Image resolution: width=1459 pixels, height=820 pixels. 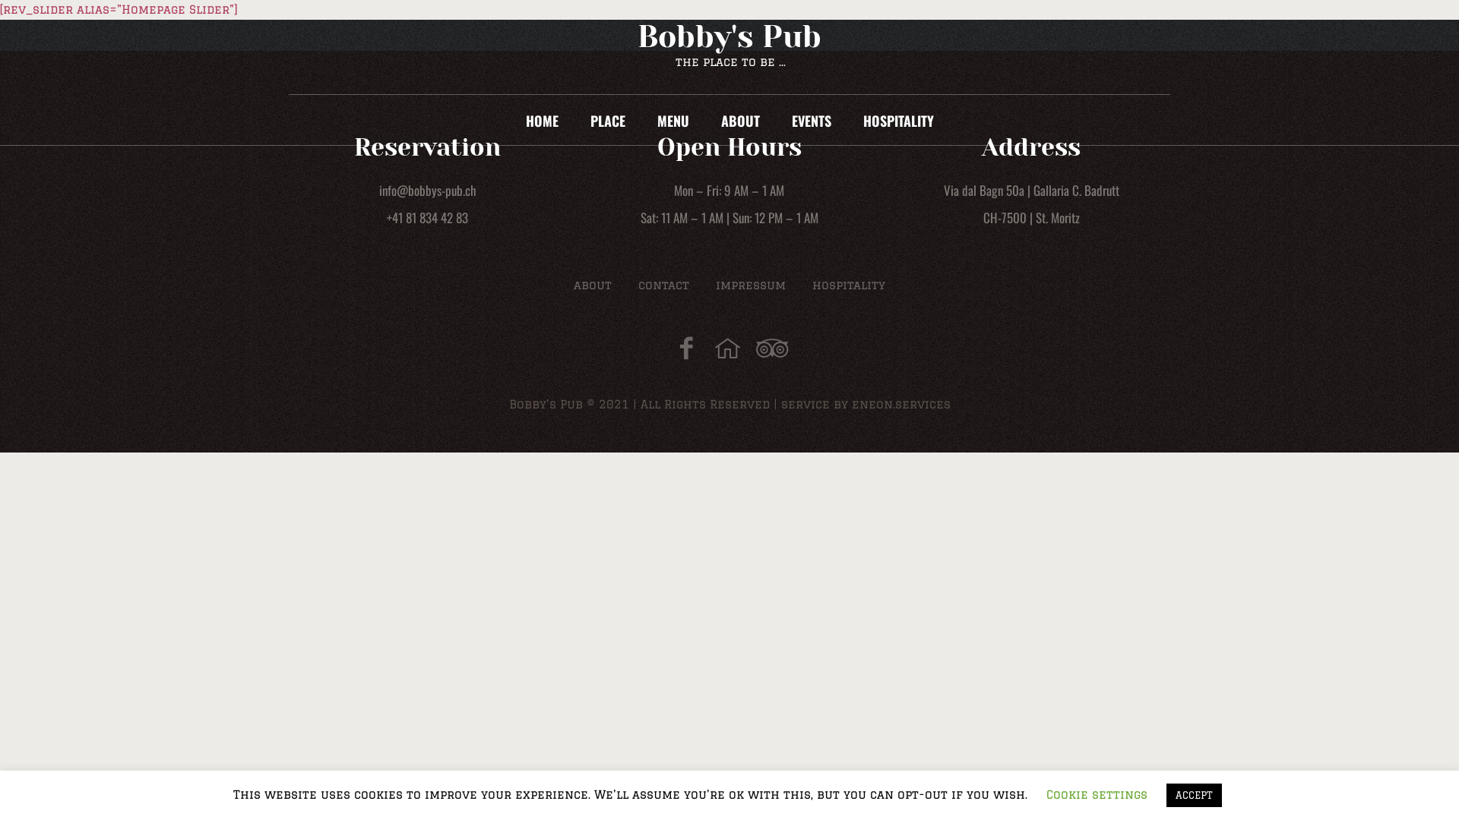 What do you see at coordinates (379, 189) in the screenshot?
I see `'info@bobbys-pub.ch'` at bounding box center [379, 189].